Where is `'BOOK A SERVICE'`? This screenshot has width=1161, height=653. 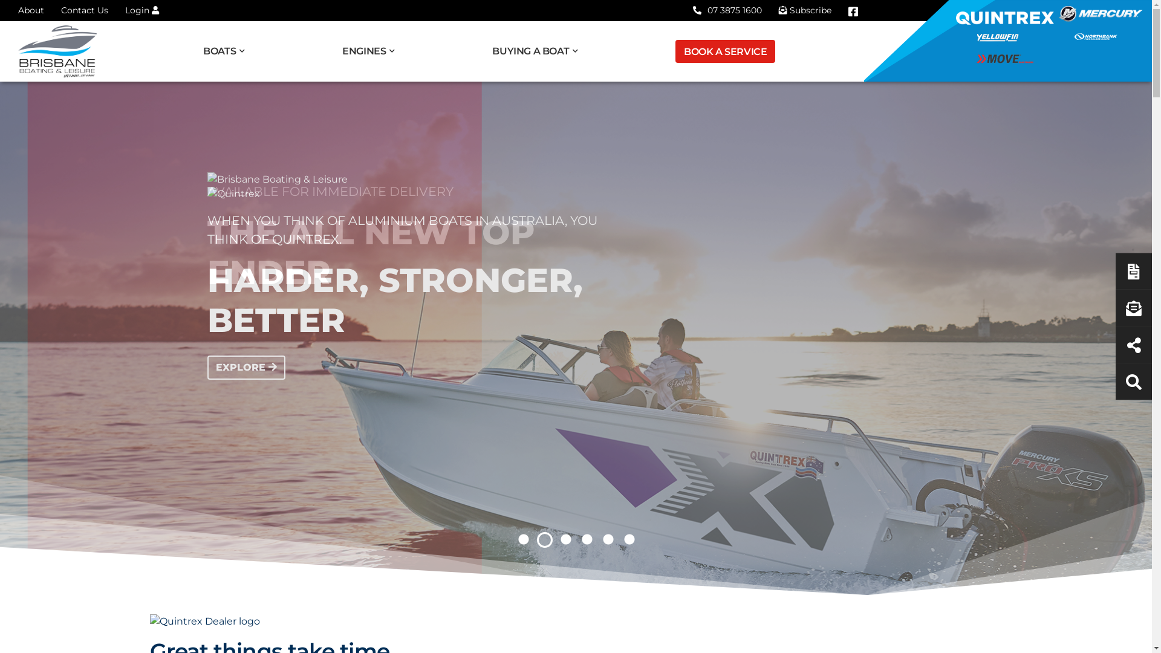
'BOOK A SERVICE' is located at coordinates (725, 50).